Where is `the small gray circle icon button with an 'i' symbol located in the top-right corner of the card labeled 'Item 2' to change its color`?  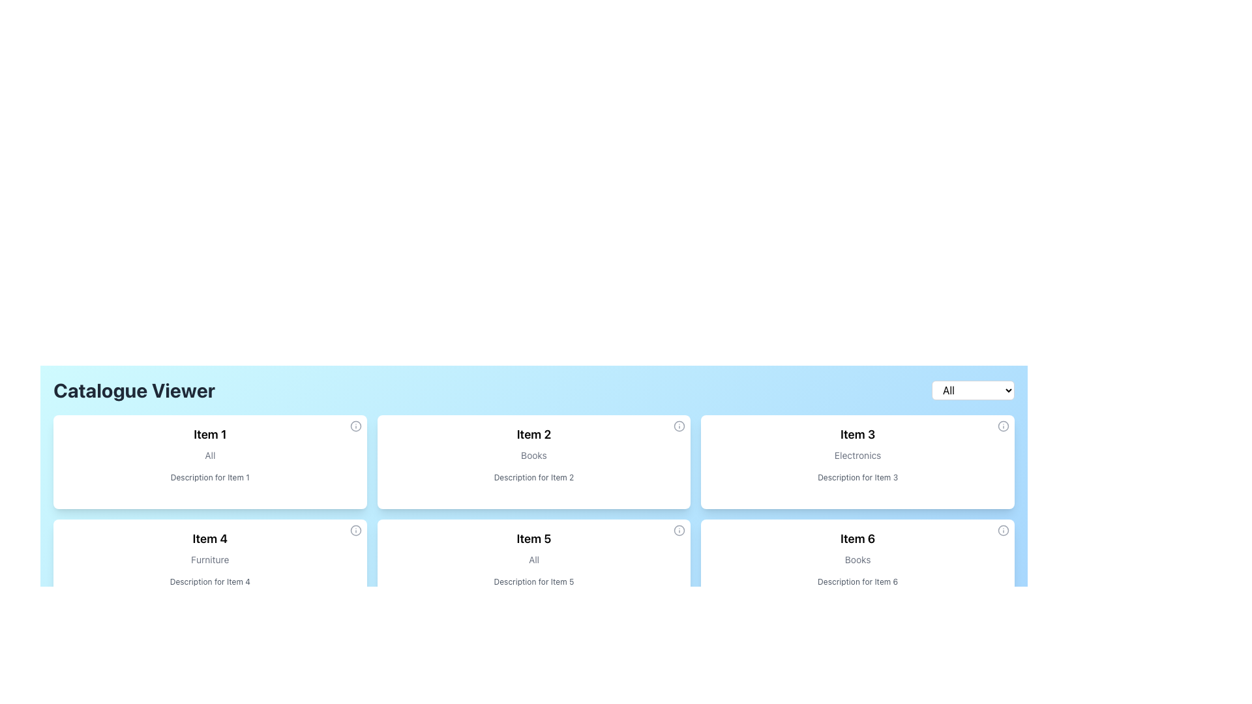
the small gray circle icon button with an 'i' symbol located in the top-right corner of the card labeled 'Item 2' to change its color is located at coordinates (679, 426).